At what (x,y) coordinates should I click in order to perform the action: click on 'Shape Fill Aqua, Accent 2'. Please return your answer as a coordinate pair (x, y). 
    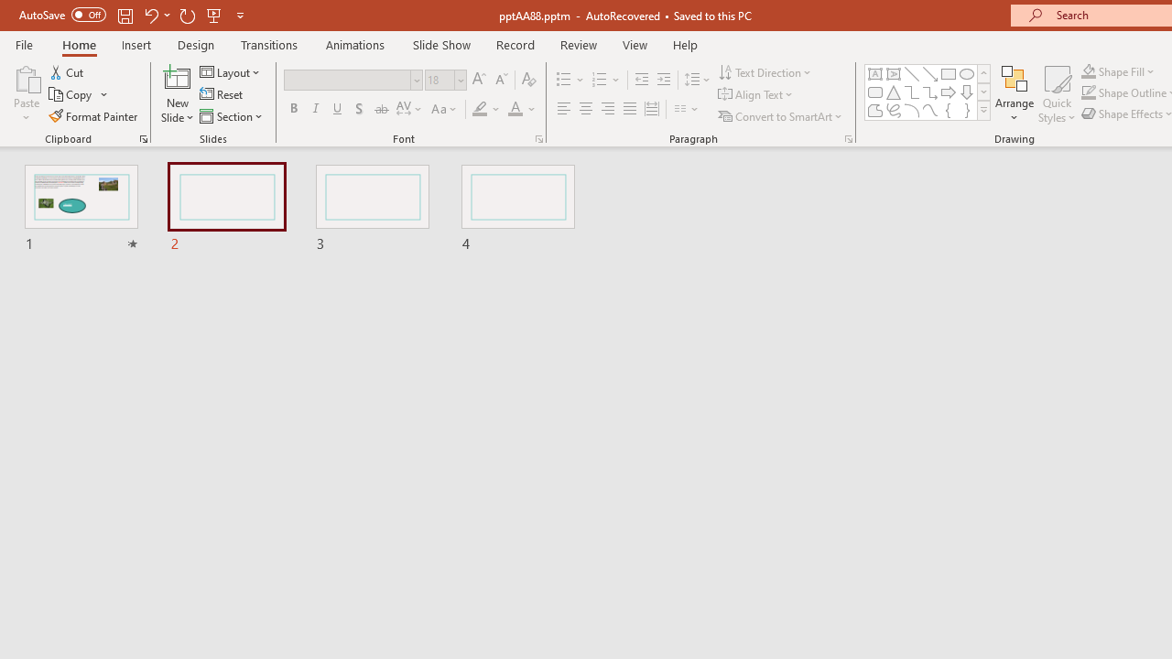
    Looking at the image, I should click on (1089, 70).